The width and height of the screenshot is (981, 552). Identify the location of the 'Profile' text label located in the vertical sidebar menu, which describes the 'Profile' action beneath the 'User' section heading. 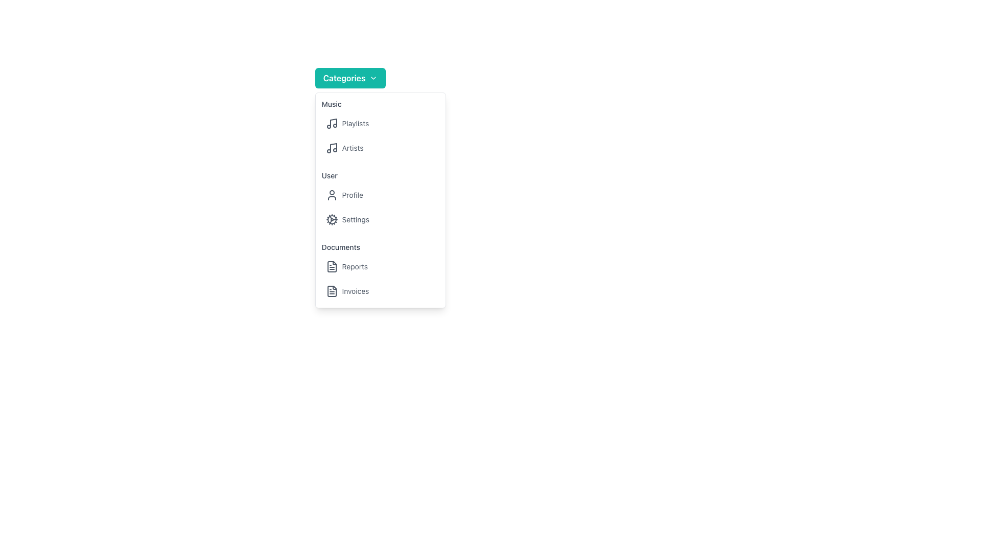
(353, 195).